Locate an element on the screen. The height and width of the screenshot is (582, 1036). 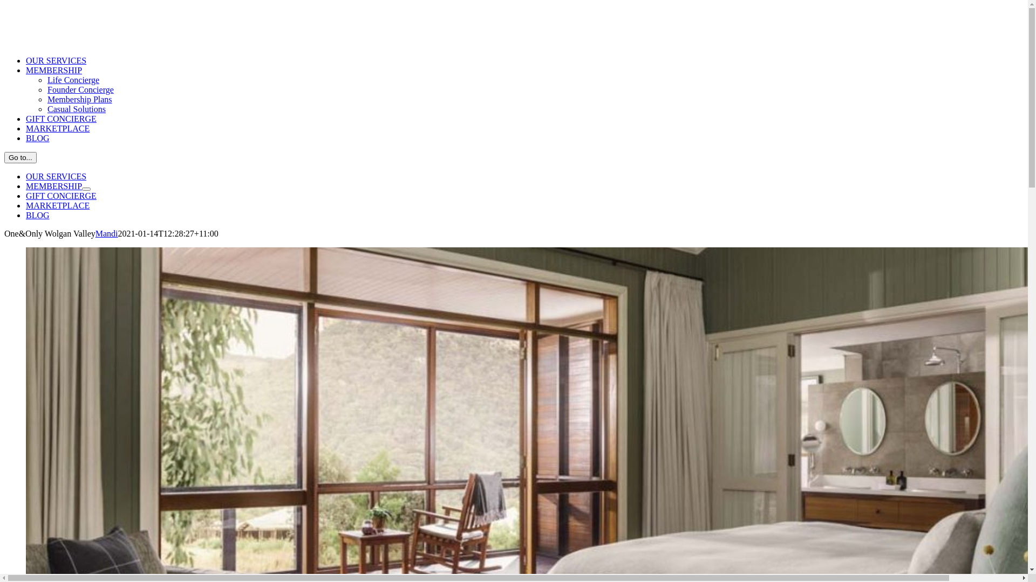
'Go to...' is located at coordinates (21, 157).